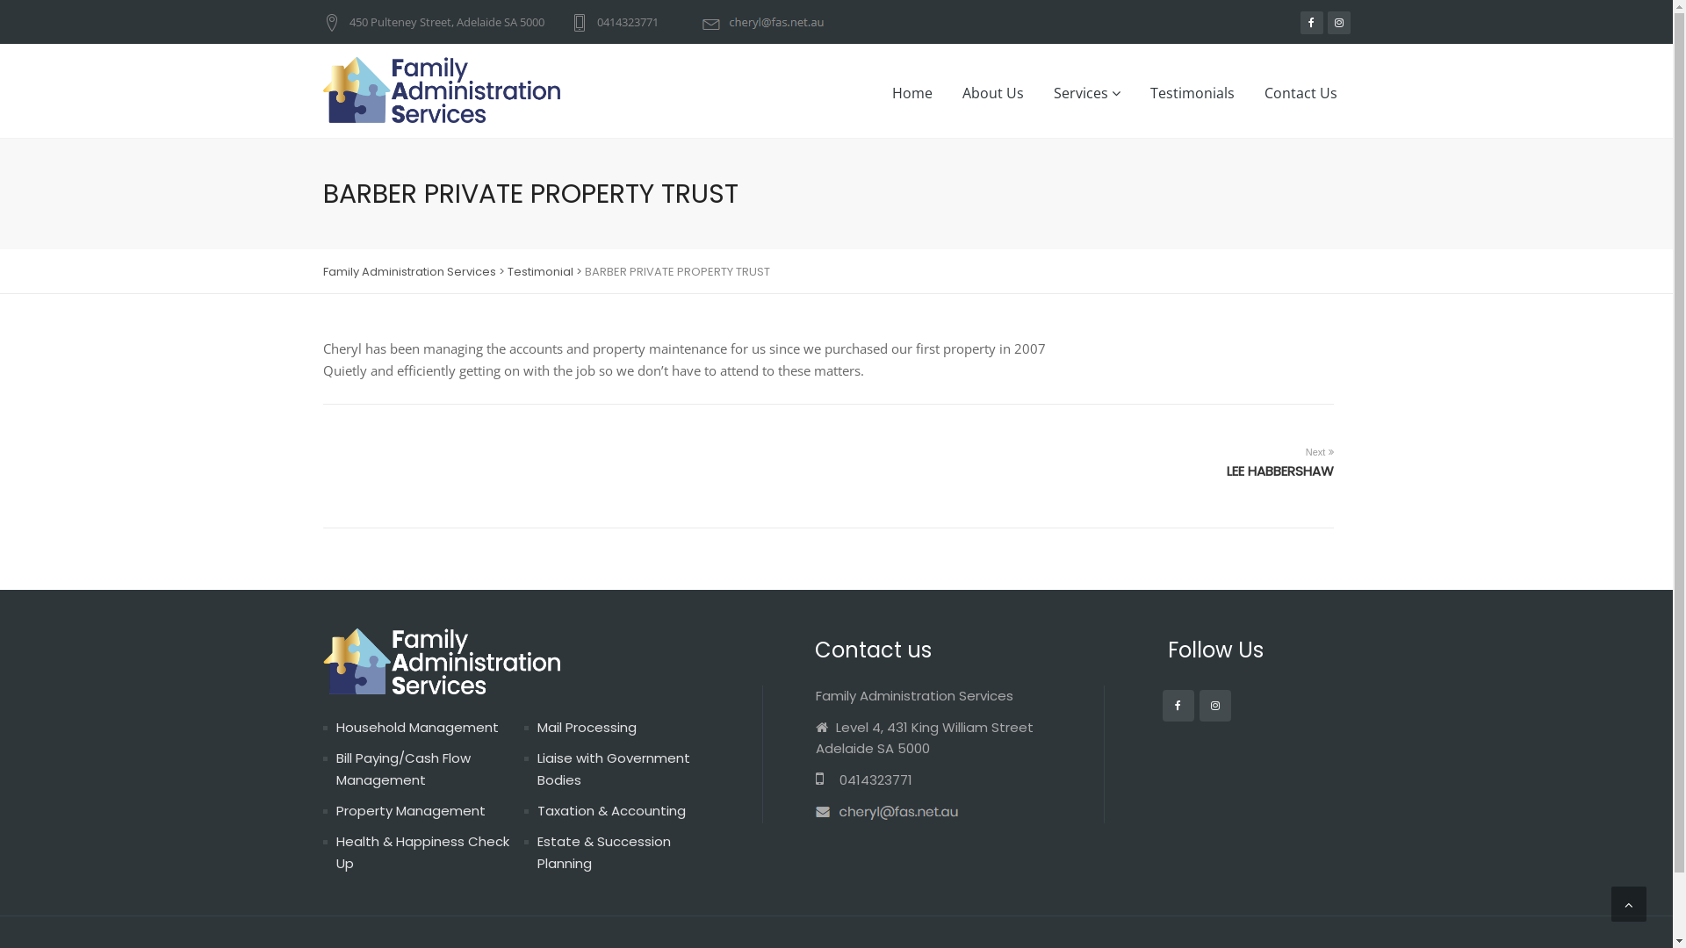 This screenshot has height=948, width=1686. What do you see at coordinates (1085, 92) in the screenshot?
I see `'Services'` at bounding box center [1085, 92].